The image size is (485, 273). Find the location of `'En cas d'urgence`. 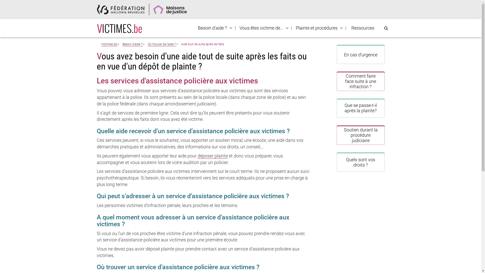

'En cas d'urgence is located at coordinates (360, 54).